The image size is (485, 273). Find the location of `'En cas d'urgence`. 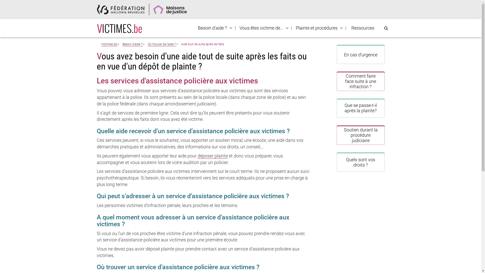

'En cas d'urgence is located at coordinates (360, 54).